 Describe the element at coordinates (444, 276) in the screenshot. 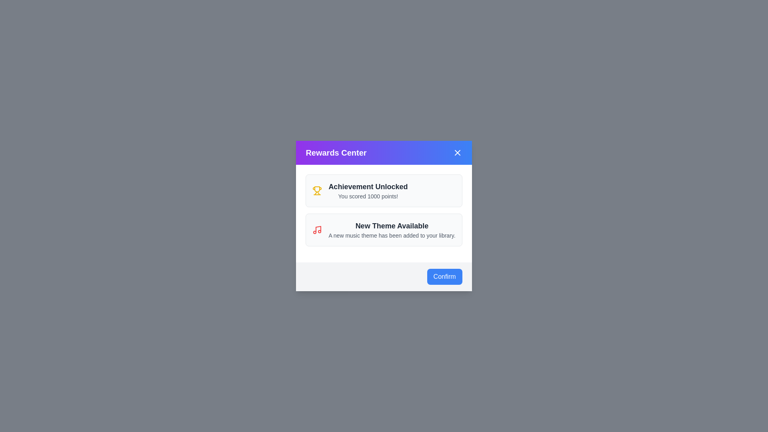

I see `the 'Confirm' button at the bottom of the dialog` at that location.